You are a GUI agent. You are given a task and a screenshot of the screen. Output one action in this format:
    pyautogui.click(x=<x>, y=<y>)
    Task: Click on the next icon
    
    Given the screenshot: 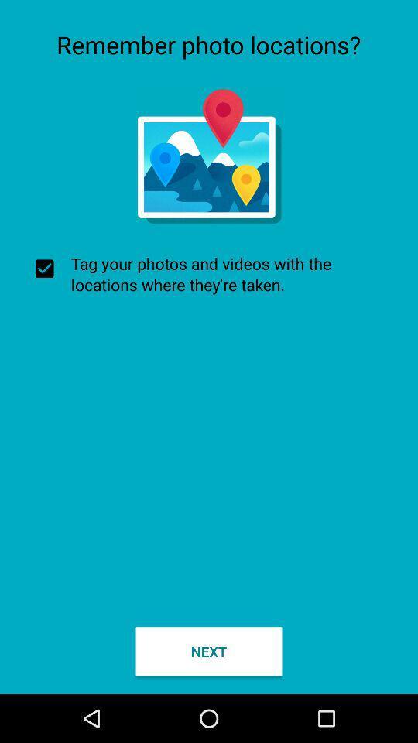 What is the action you would take?
    pyautogui.click(x=209, y=650)
    